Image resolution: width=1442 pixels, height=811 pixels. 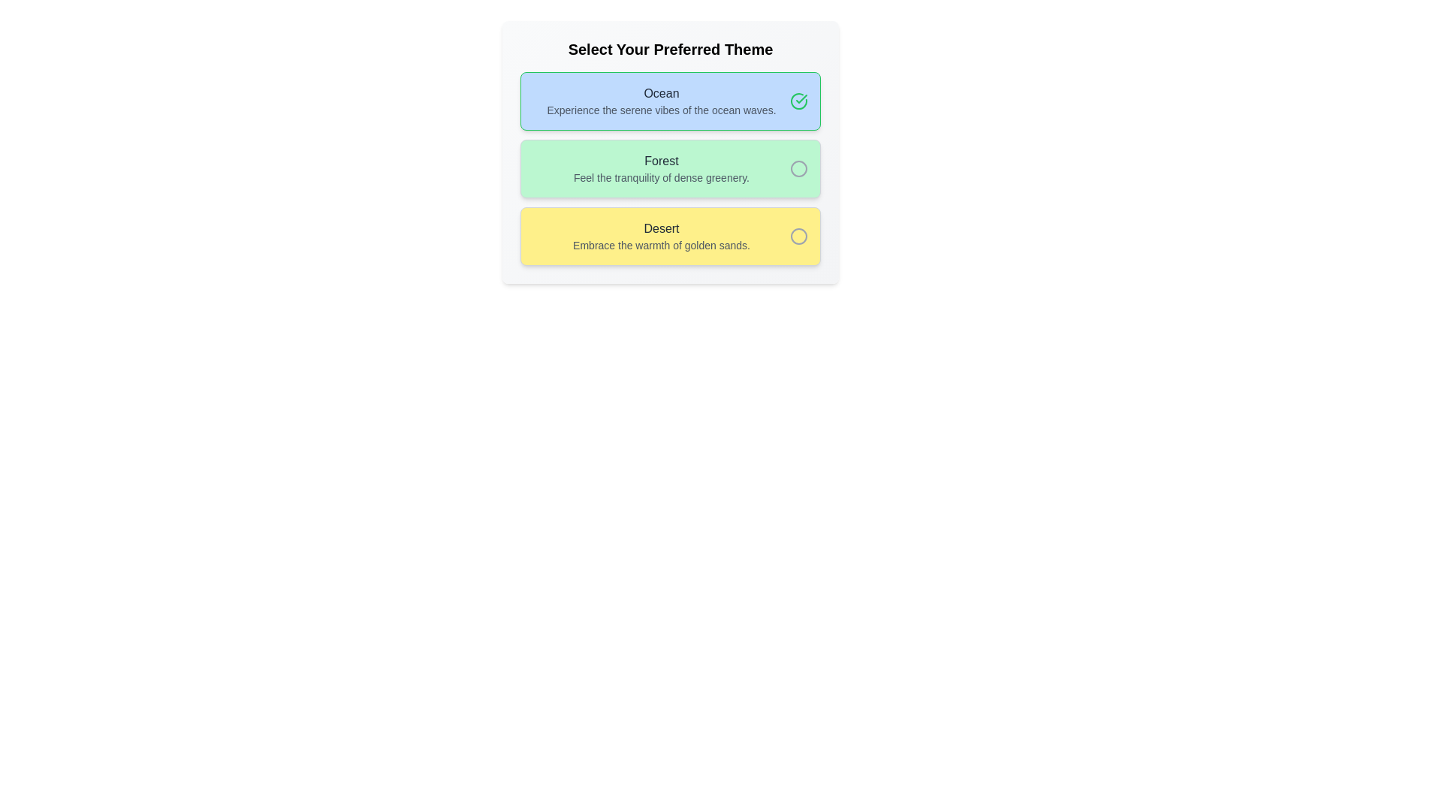 What do you see at coordinates (669, 168) in the screenshot?
I see `the selectable list item labeled 'Forest' with a green background and a radio button` at bounding box center [669, 168].